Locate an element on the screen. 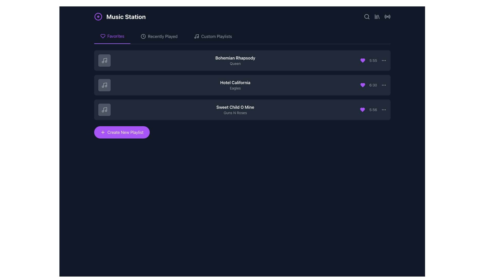 Image resolution: width=494 pixels, height=277 pixels. the small gray musical note icon located in the second playlist entry box of the music application interface is located at coordinates (104, 85).